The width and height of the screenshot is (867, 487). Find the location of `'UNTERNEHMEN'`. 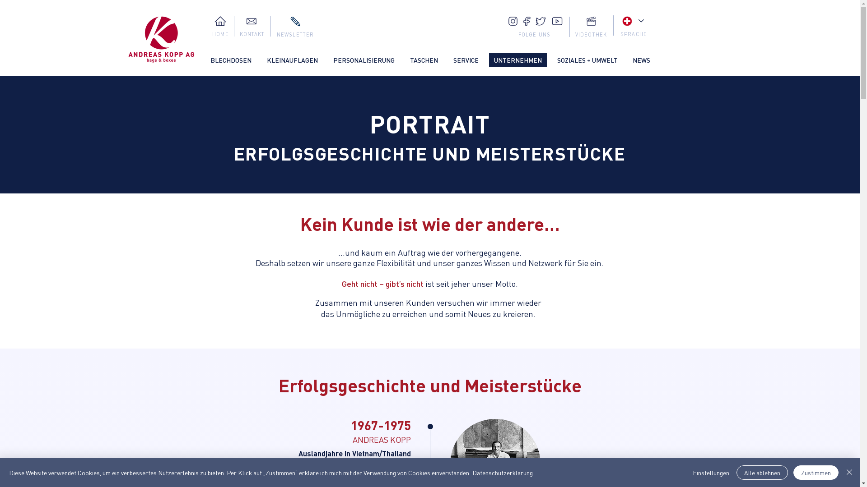

'UNTERNEHMEN' is located at coordinates (517, 60).